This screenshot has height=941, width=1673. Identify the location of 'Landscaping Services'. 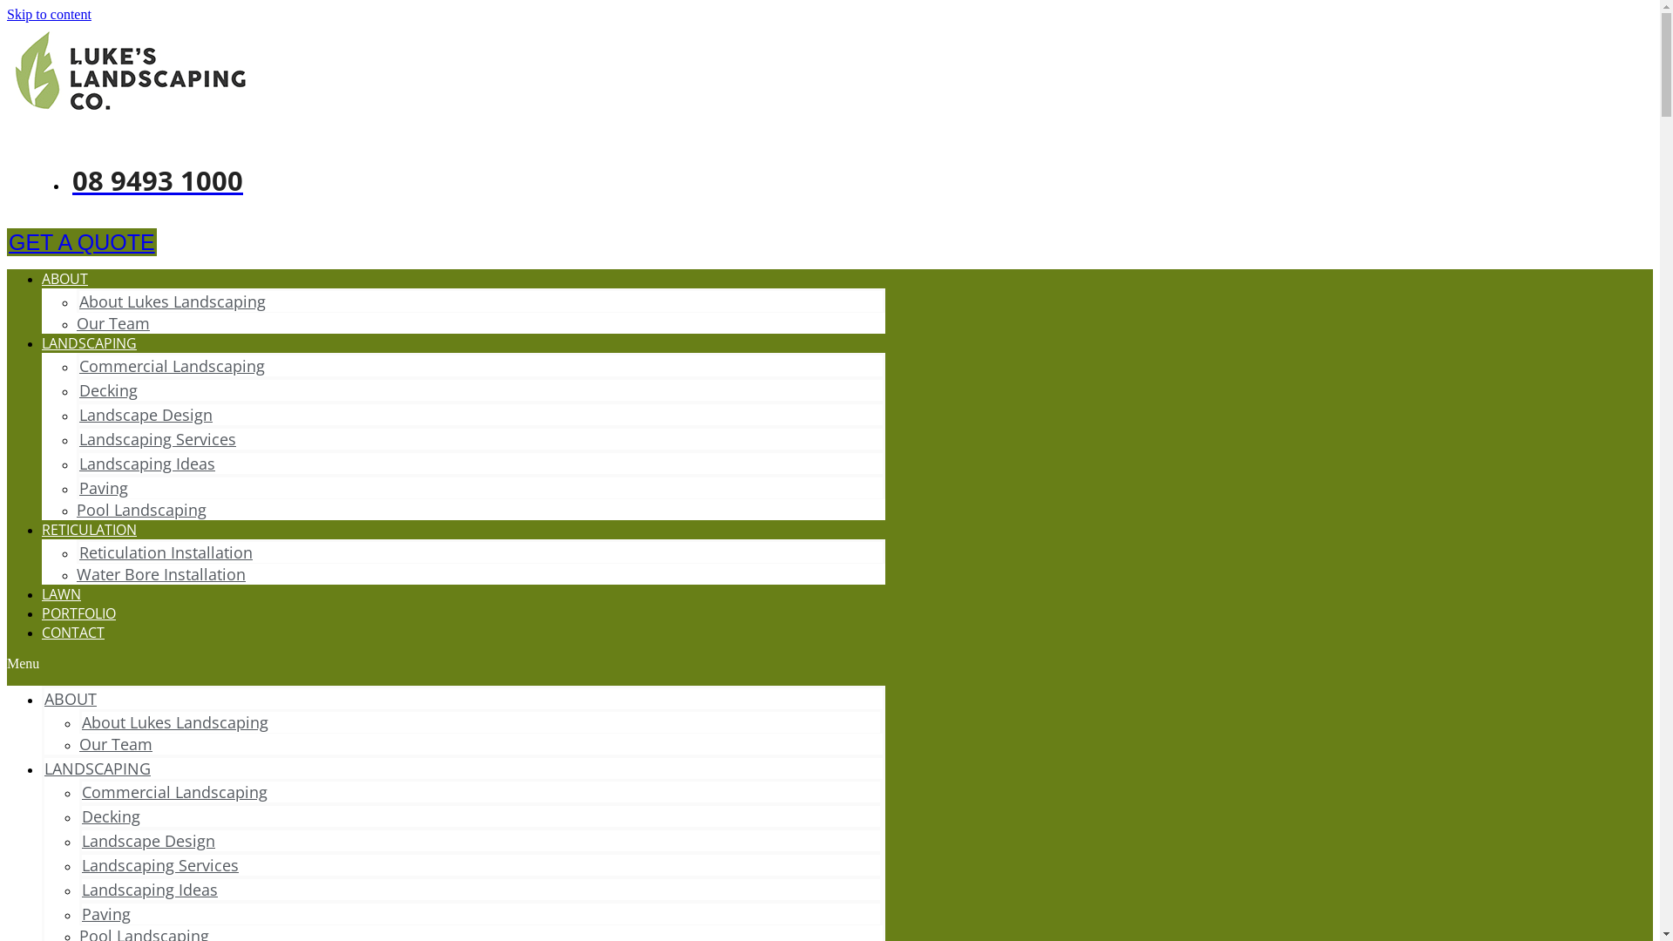
(159, 864).